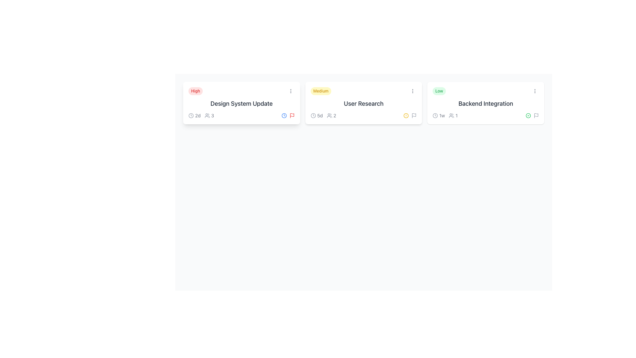  What do you see at coordinates (445, 115) in the screenshot?
I see `the user count number '1' in the Text and Icon Label Row within the 'Backend Integration' card` at bounding box center [445, 115].